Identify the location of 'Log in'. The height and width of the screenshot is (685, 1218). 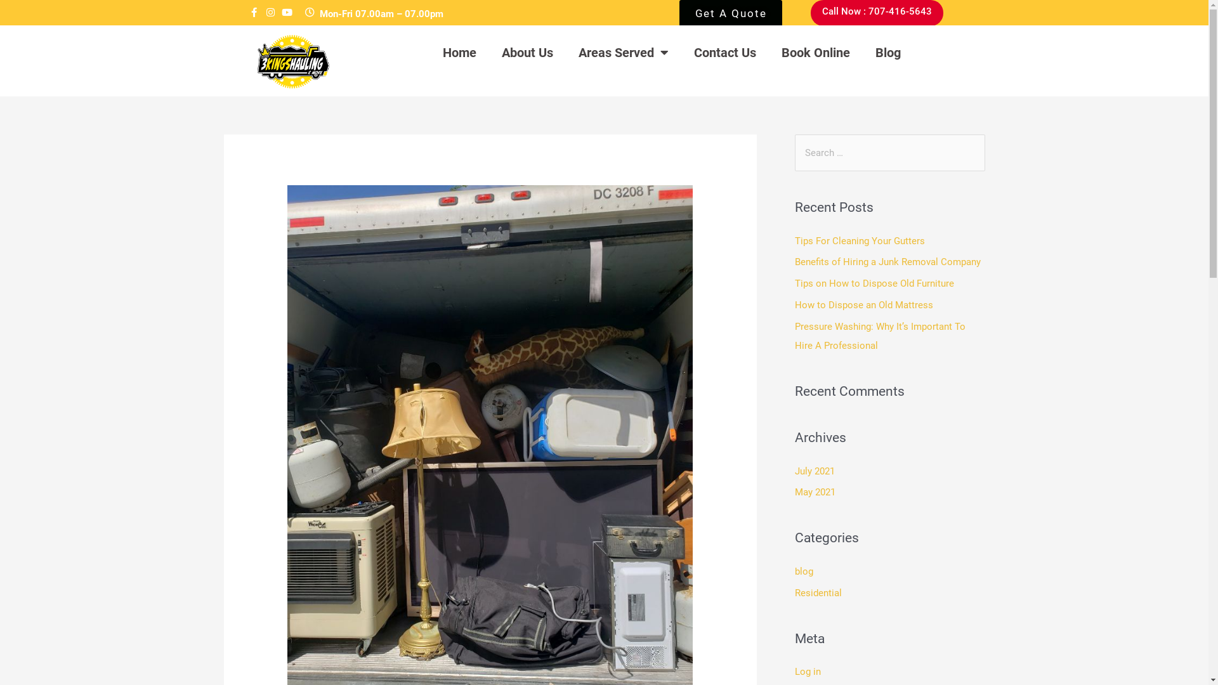
(806, 671).